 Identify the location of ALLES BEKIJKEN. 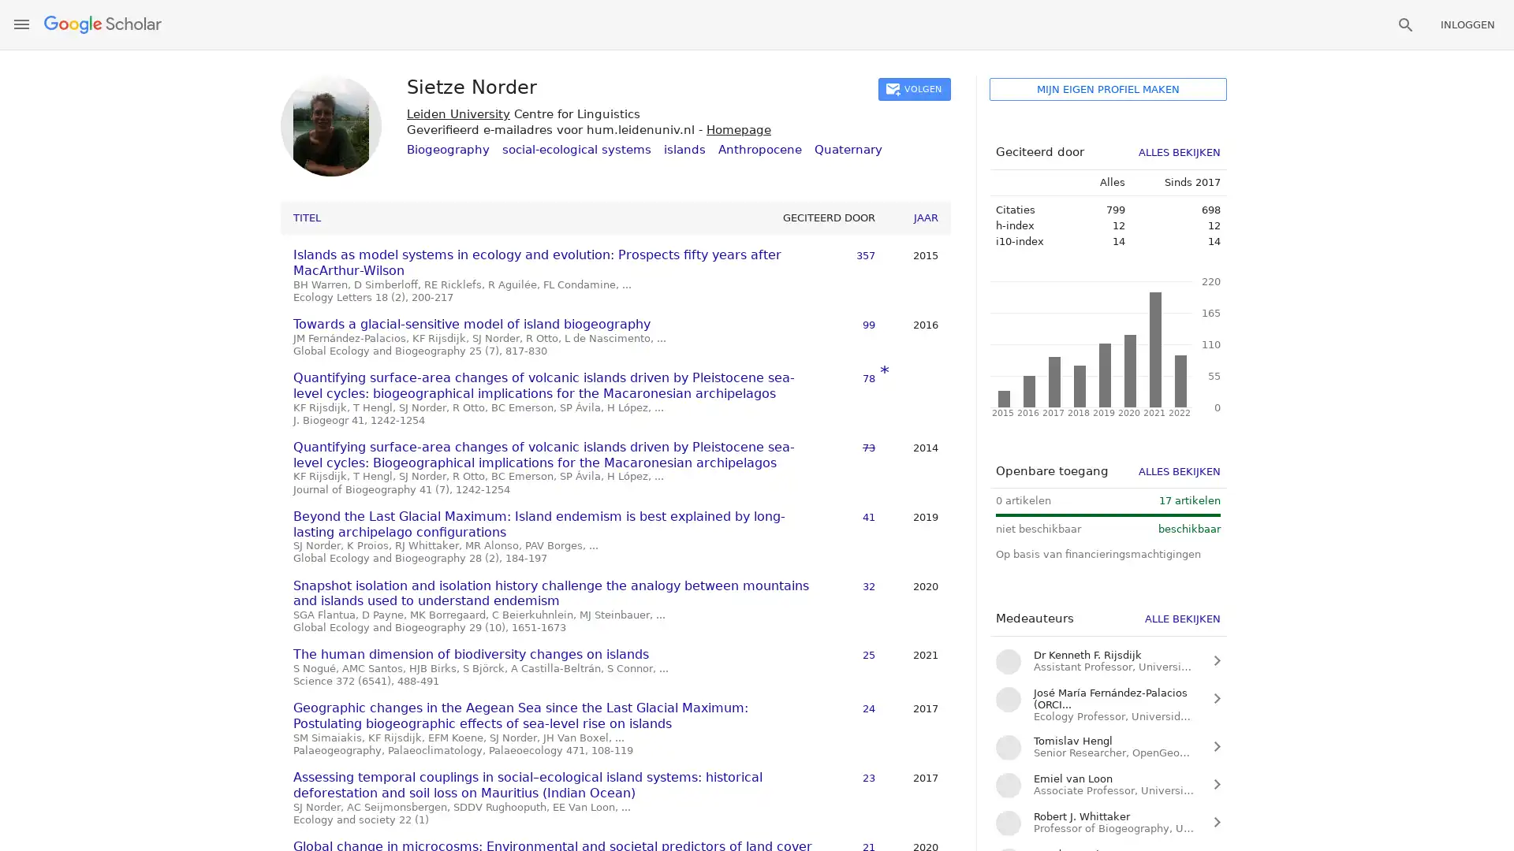
(1180, 152).